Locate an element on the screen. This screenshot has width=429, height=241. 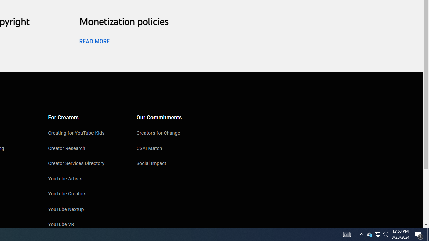
'Creator Research' is located at coordinates (85, 148).